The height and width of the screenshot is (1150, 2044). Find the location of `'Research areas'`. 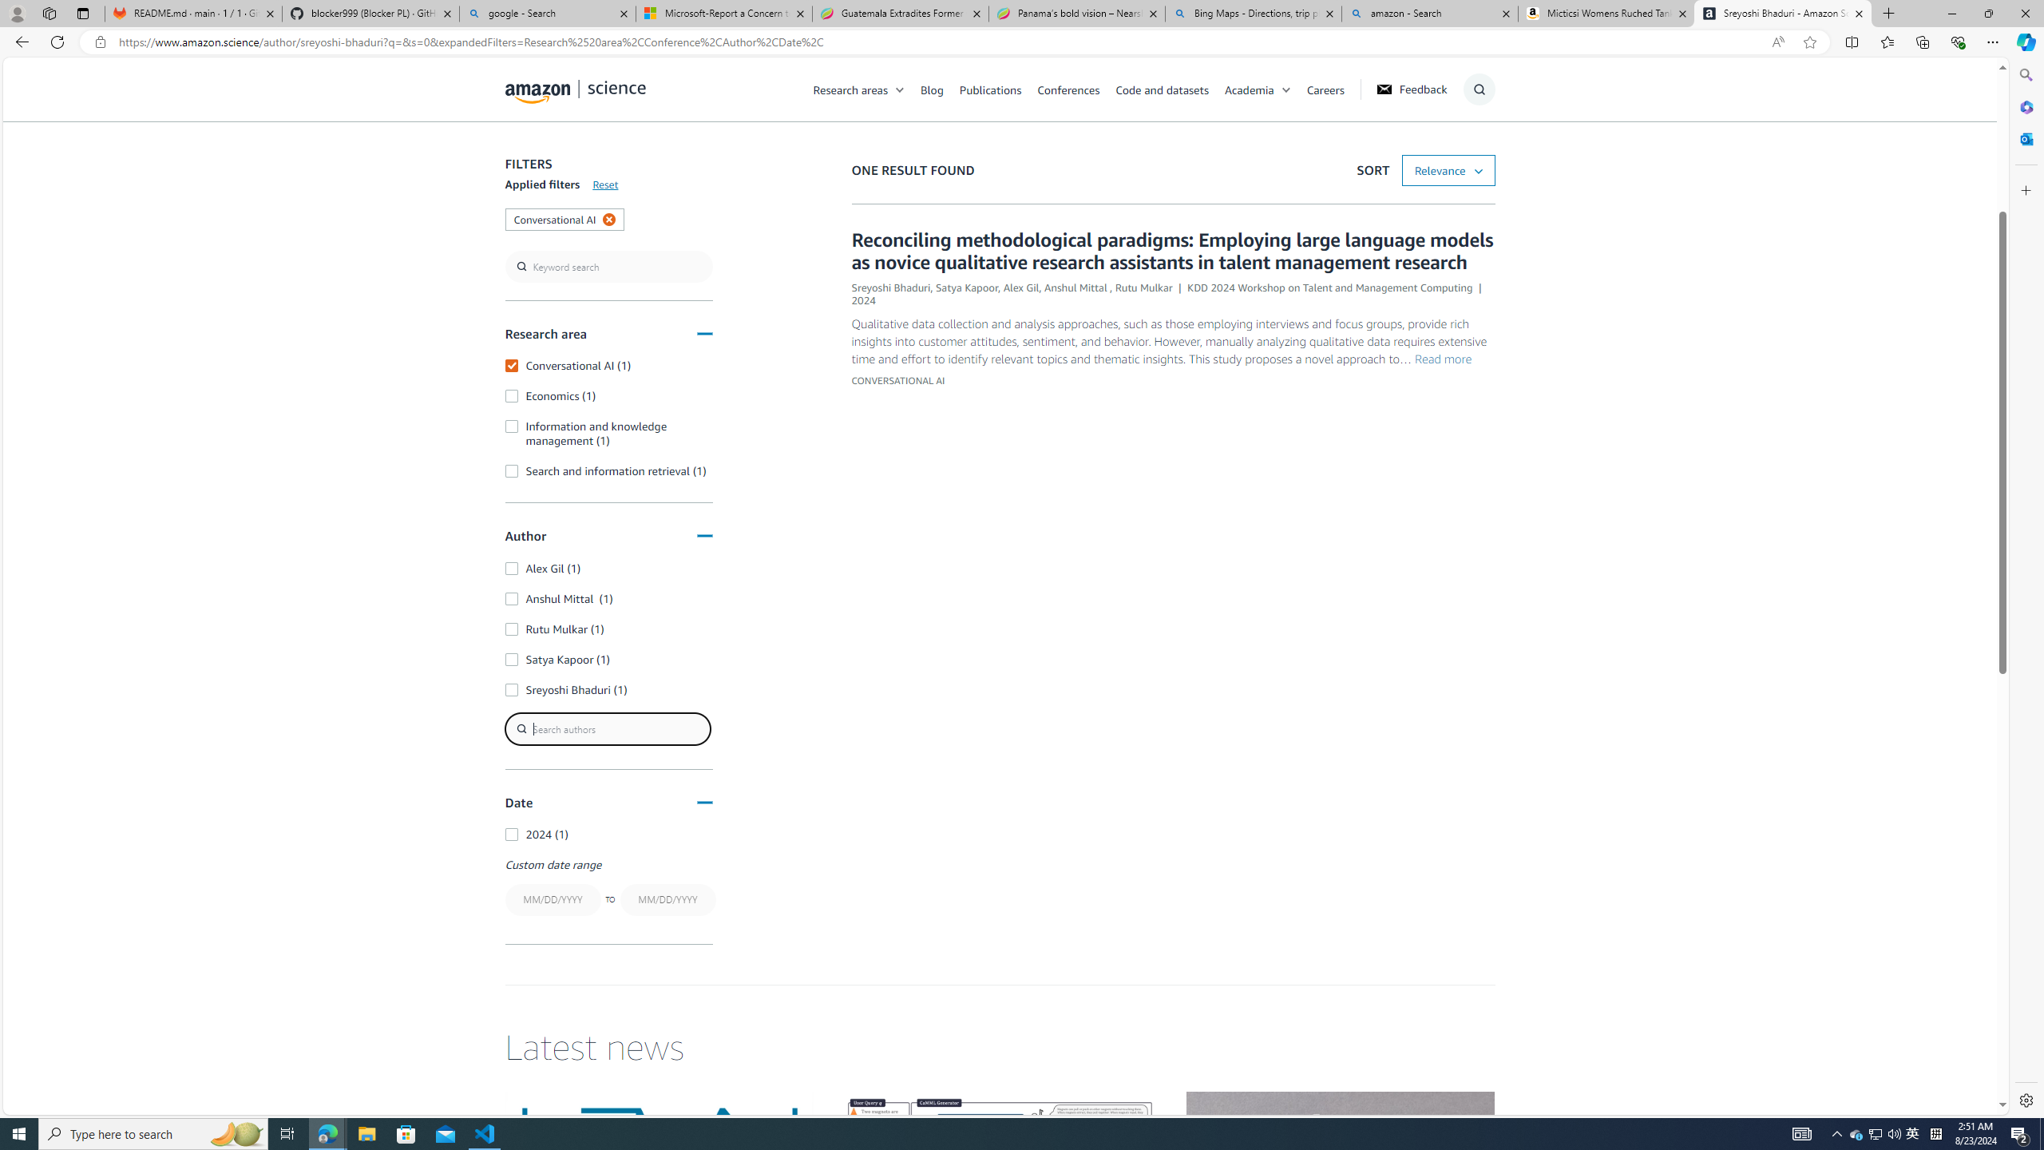

'Research areas' is located at coordinates (866, 89).